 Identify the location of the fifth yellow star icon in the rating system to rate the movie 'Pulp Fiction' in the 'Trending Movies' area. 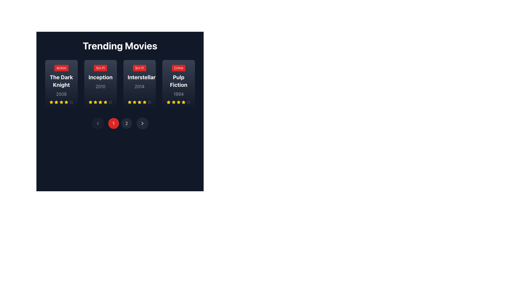
(184, 102).